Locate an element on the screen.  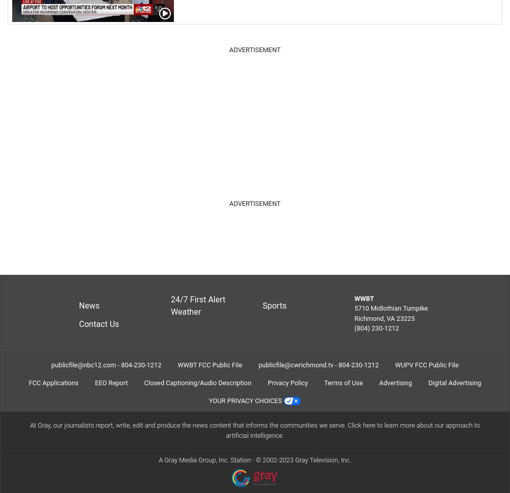
'Terms of Use' is located at coordinates (343, 382).